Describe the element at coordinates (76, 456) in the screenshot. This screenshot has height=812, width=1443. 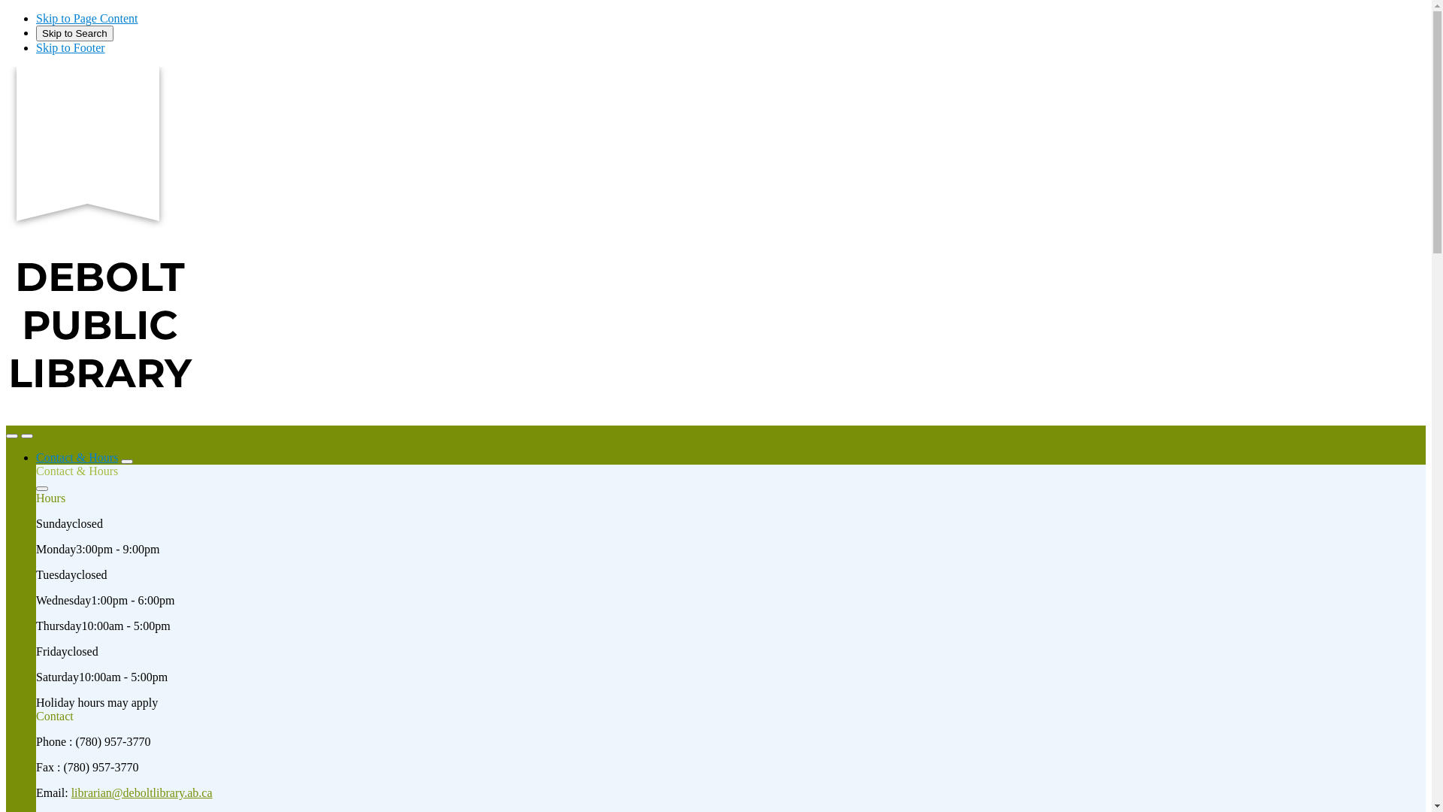
I see `'Contact & Hours'` at that location.